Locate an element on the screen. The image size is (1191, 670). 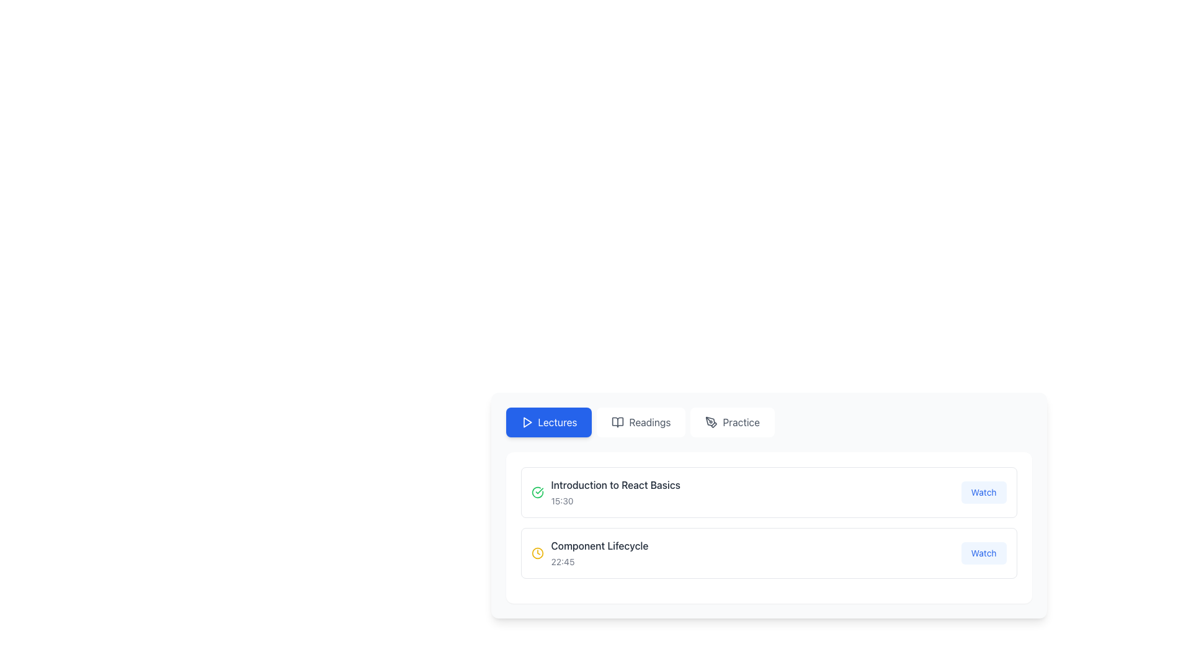
the completion icon located to the left of the text 'Introduction to React Basics' and above the timestamp '15:30' is located at coordinates (537, 492).